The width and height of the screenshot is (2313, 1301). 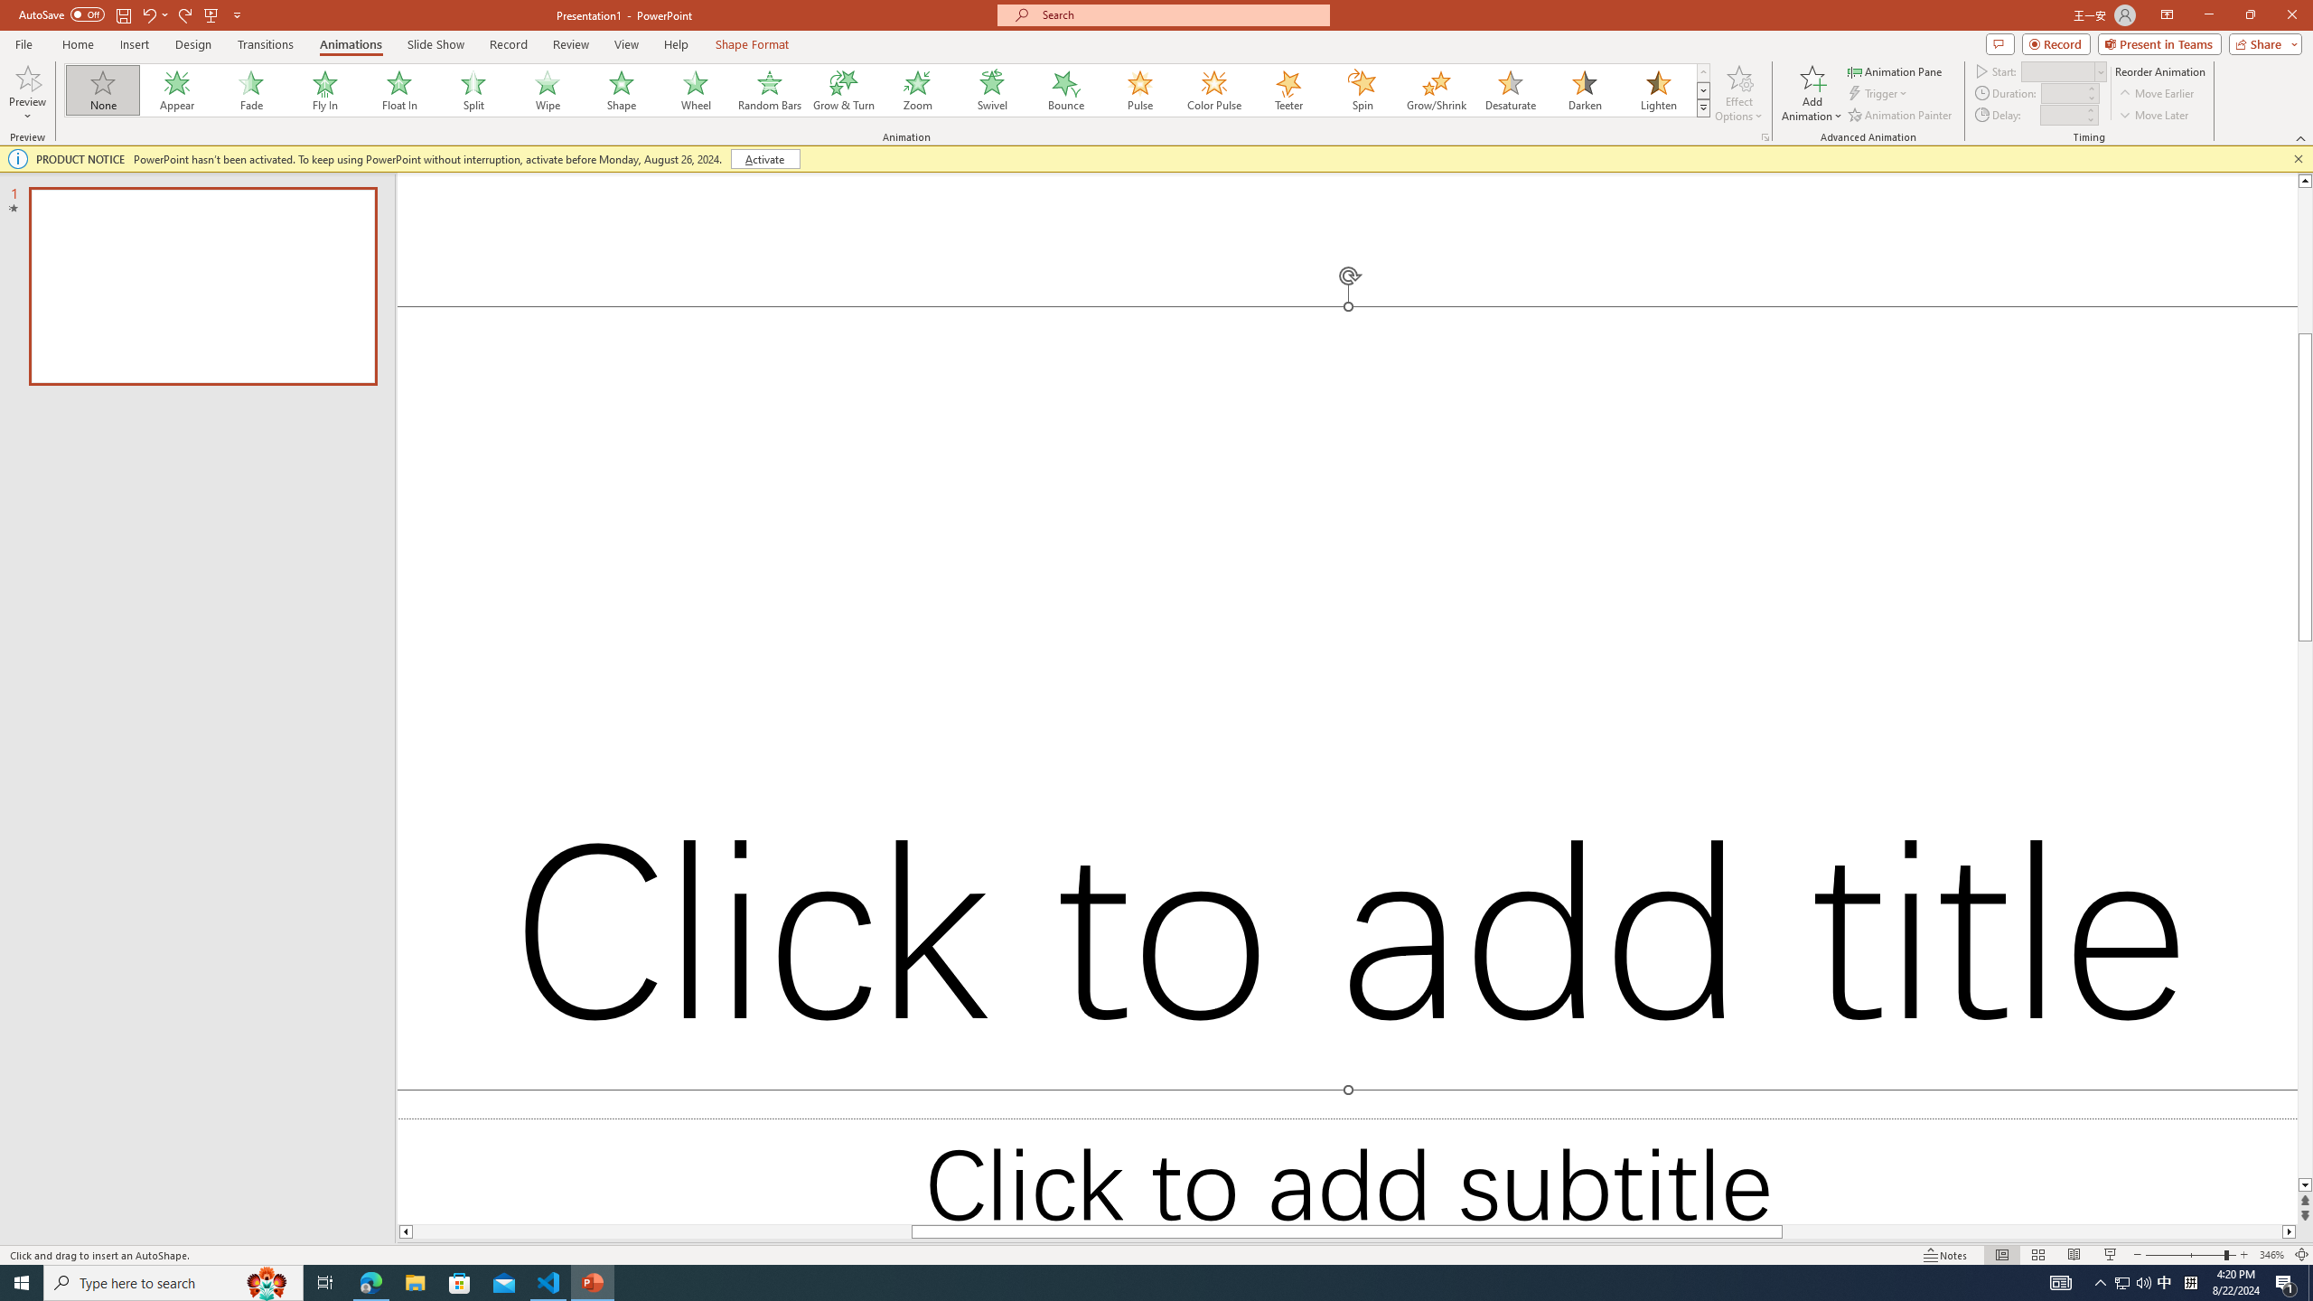 What do you see at coordinates (1583, 89) in the screenshot?
I see `'Darken'` at bounding box center [1583, 89].